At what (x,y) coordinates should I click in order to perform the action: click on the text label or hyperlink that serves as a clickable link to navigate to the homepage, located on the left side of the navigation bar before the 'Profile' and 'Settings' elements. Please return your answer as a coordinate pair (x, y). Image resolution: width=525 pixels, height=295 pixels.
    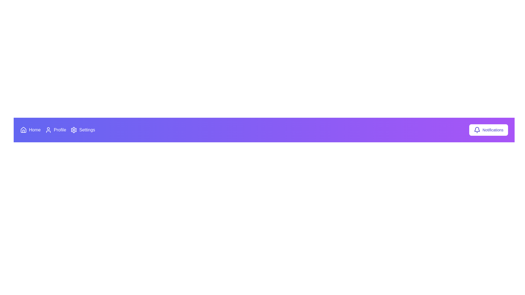
    Looking at the image, I should click on (34, 130).